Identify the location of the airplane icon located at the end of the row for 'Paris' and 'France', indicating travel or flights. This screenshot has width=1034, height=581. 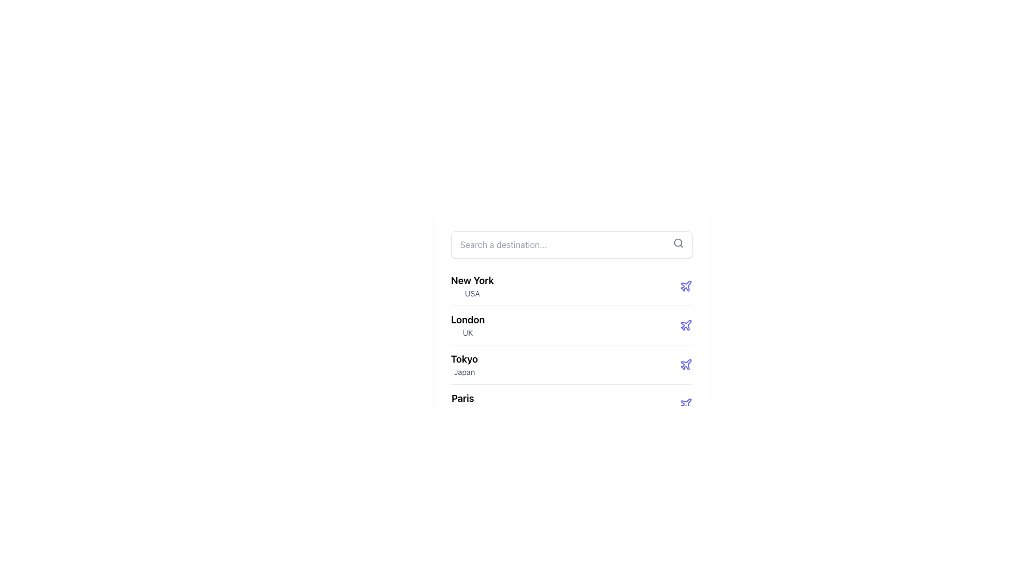
(685, 404).